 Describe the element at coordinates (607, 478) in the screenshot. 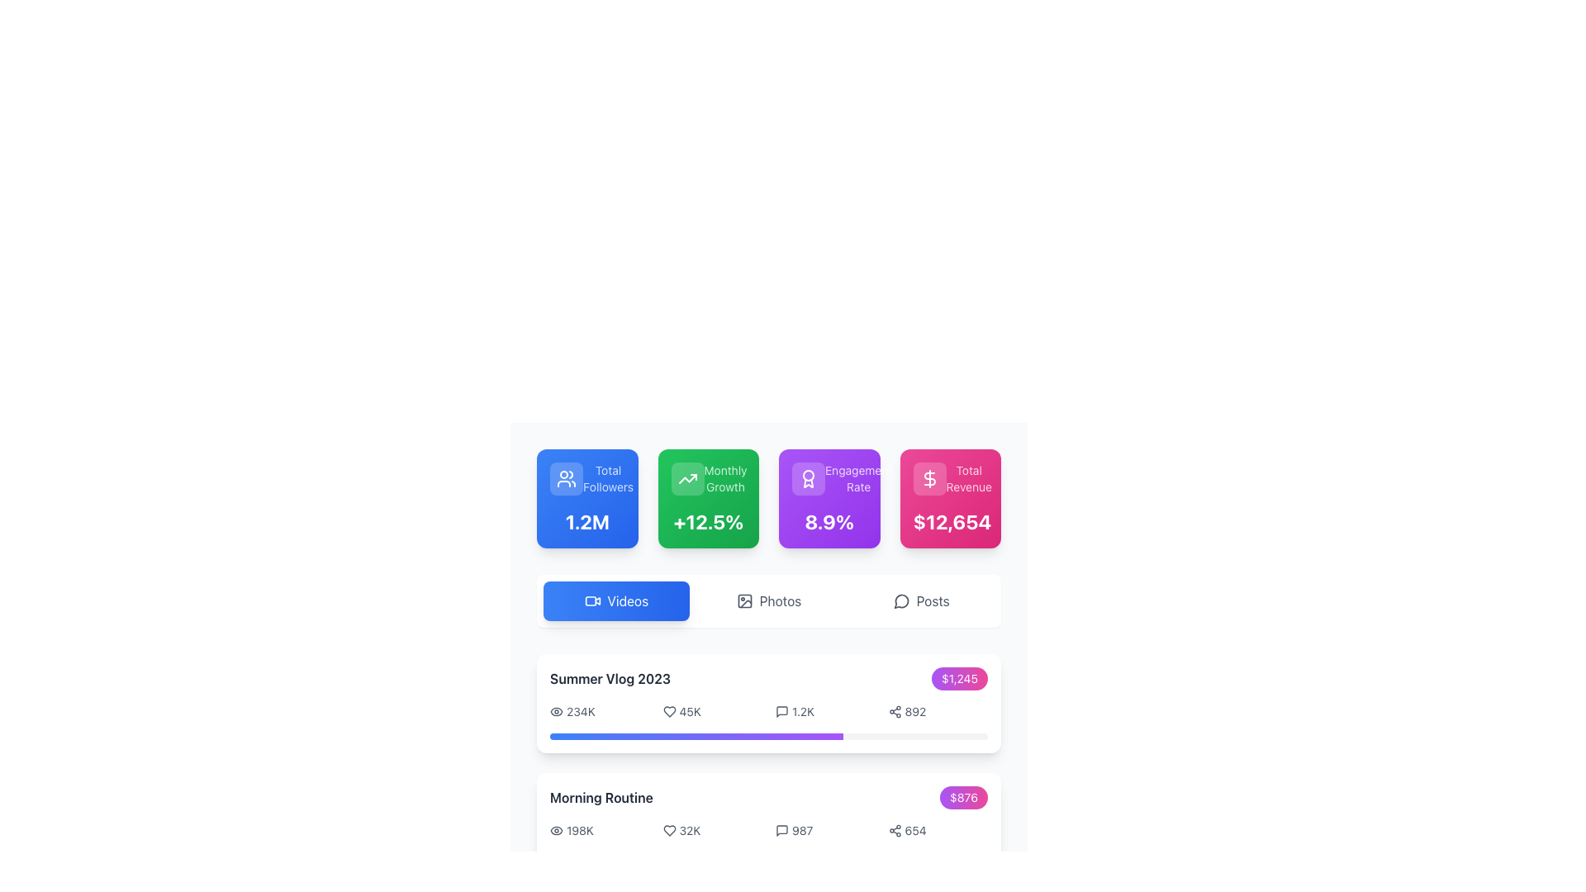

I see `label indicating the total number of followers, which is located in the top-right corner of the blue summary card tile, above the numerical statistic '1.2M'` at that location.